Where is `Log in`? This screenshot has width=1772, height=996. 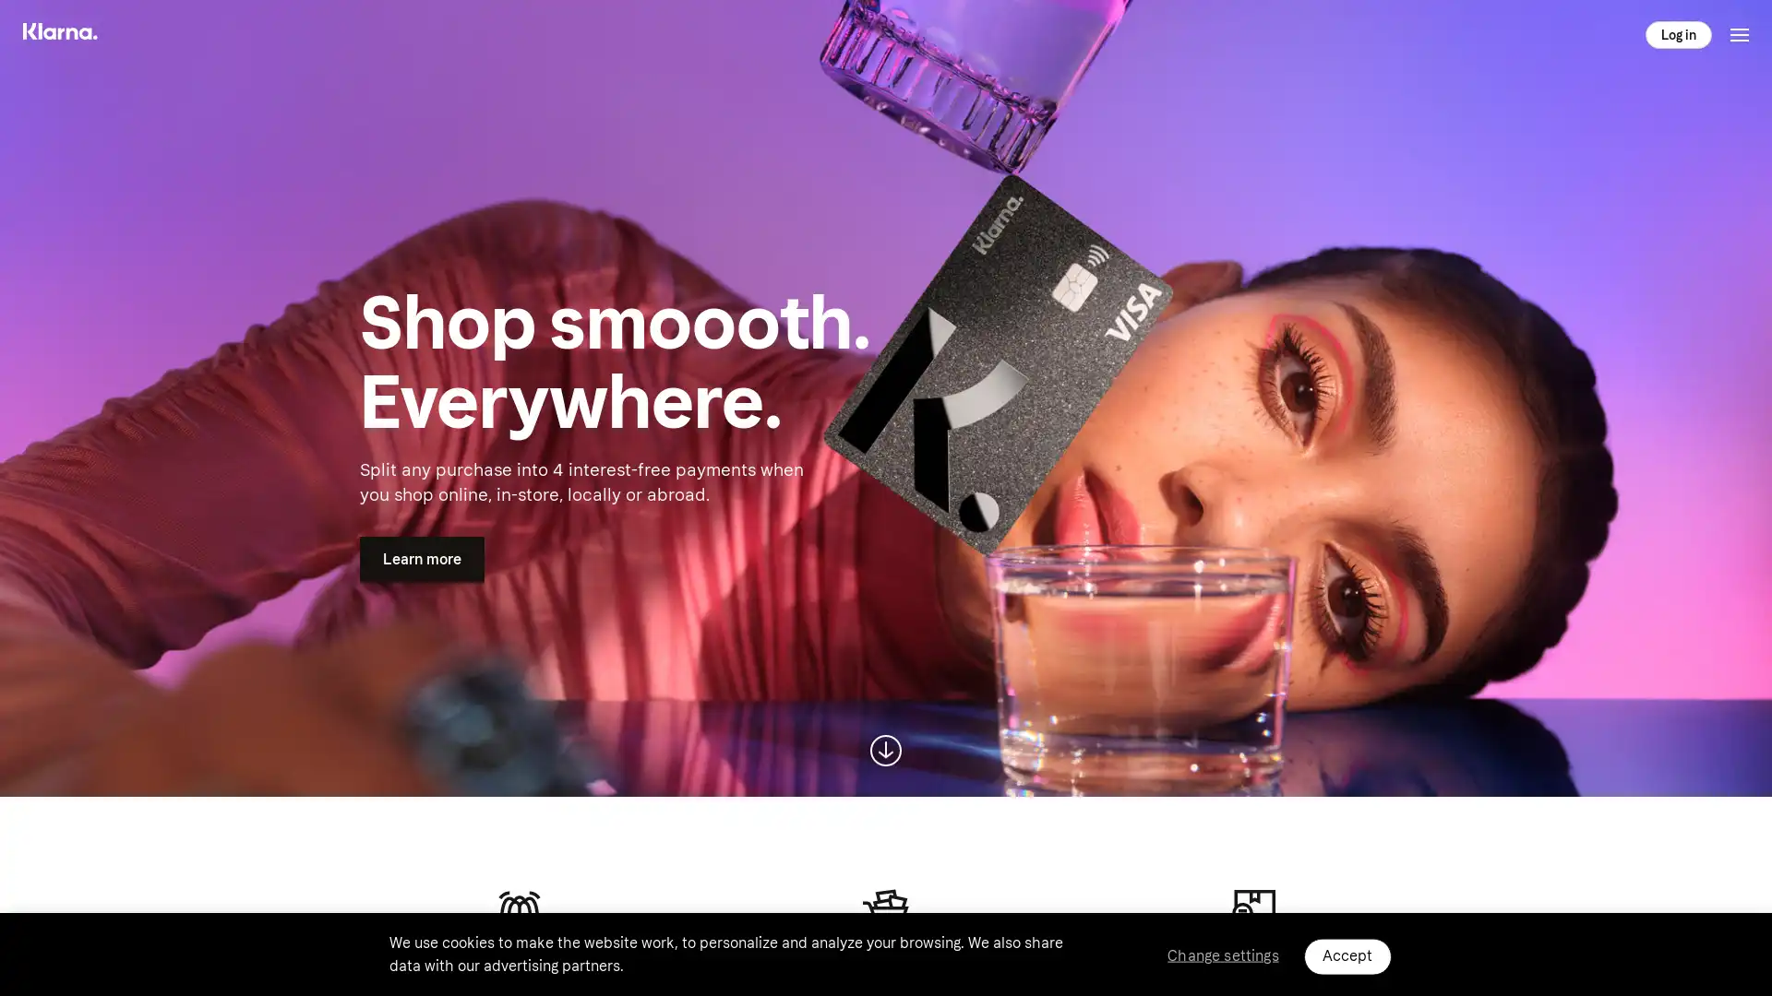
Log in is located at coordinates (1679, 34).